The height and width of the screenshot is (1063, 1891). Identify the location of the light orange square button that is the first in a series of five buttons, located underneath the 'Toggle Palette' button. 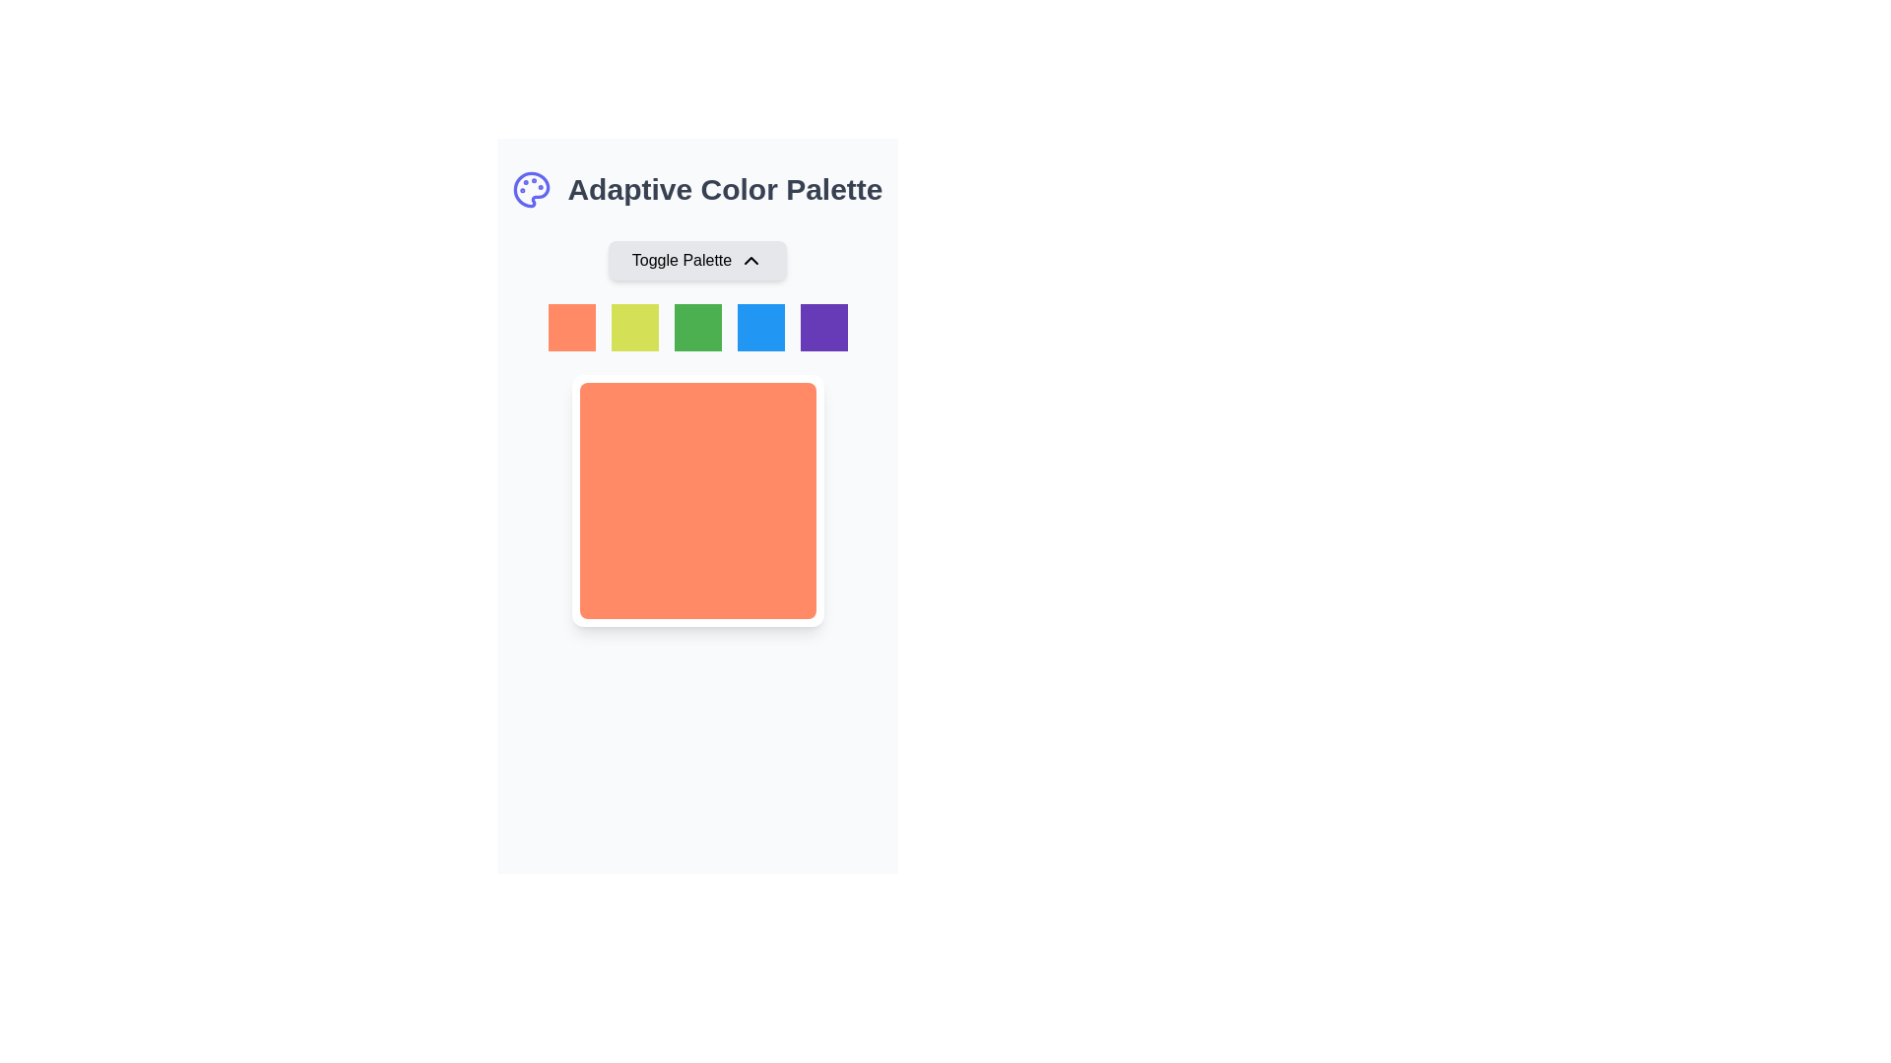
(570, 326).